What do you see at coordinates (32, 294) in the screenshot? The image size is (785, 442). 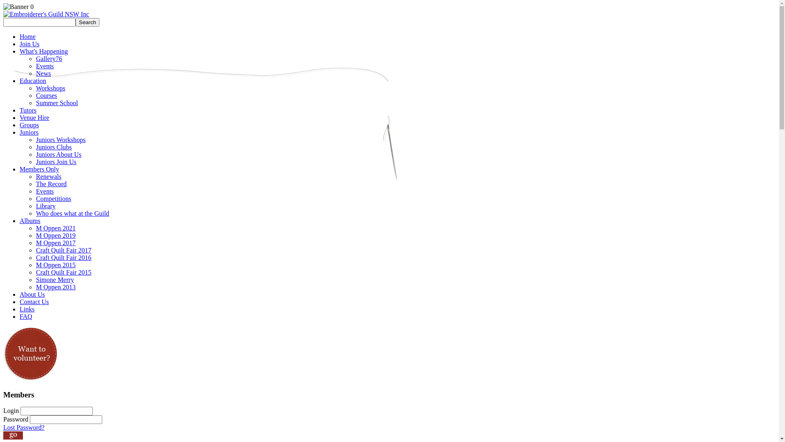 I see `'About Us'` at bounding box center [32, 294].